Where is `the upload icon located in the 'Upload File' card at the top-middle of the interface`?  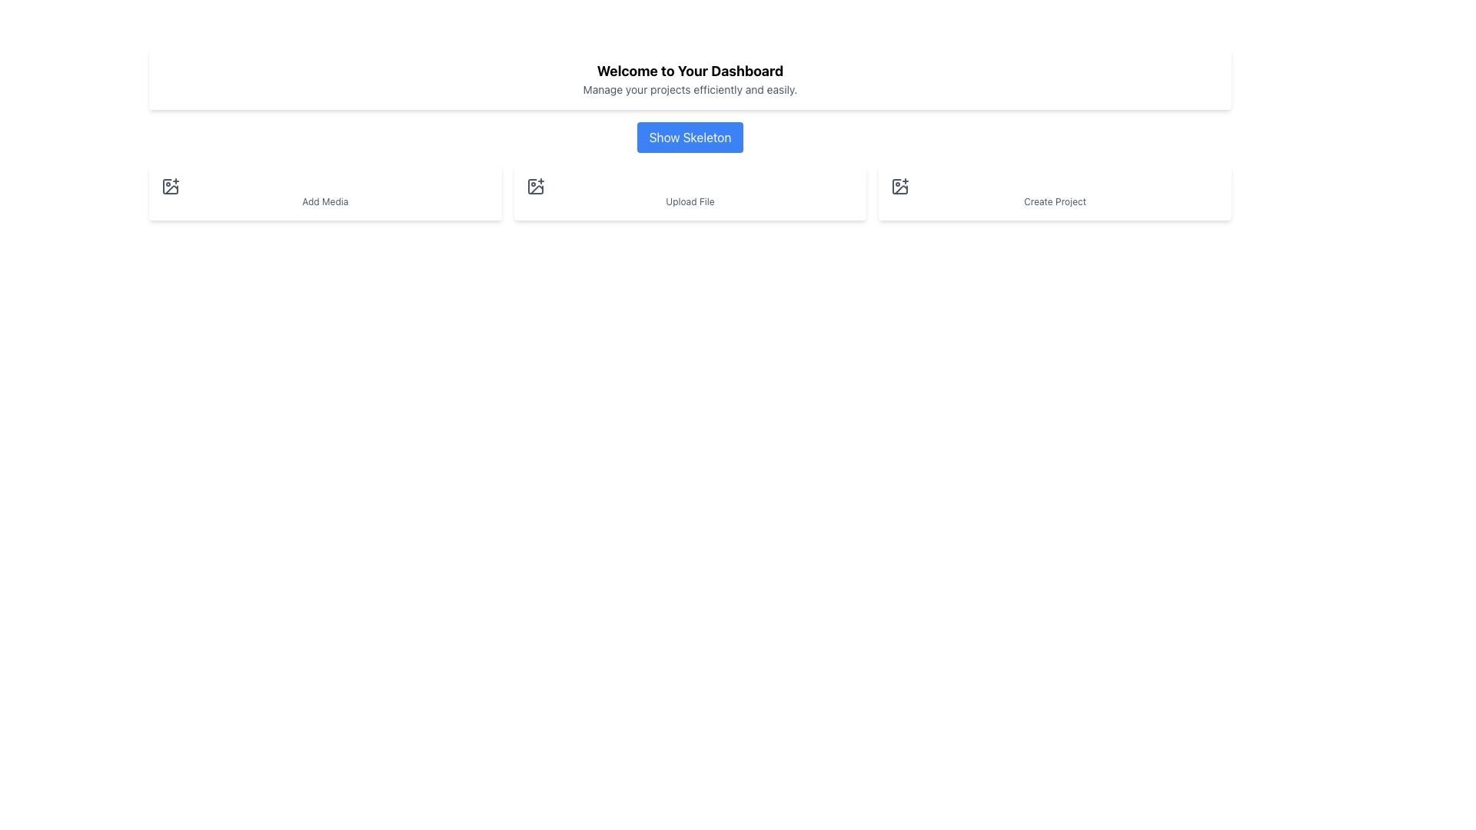
the upload icon located in the 'Upload File' card at the top-middle of the interface is located at coordinates (535, 186).